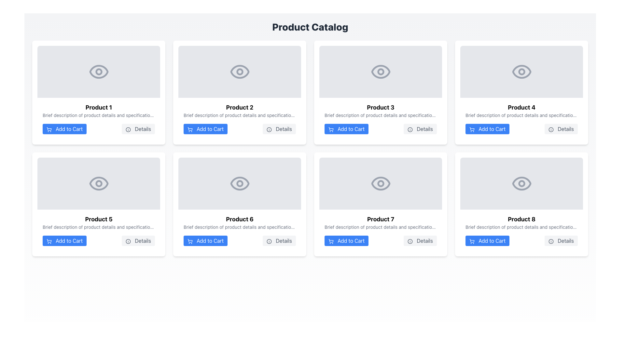 The height and width of the screenshot is (351, 625). Describe the element at coordinates (521, 219) in the screenshot. I see `the bold text label 'Product 8' located in the lower right of the grid layout, specifically at the bottom of the last product card in the third row` at that location.